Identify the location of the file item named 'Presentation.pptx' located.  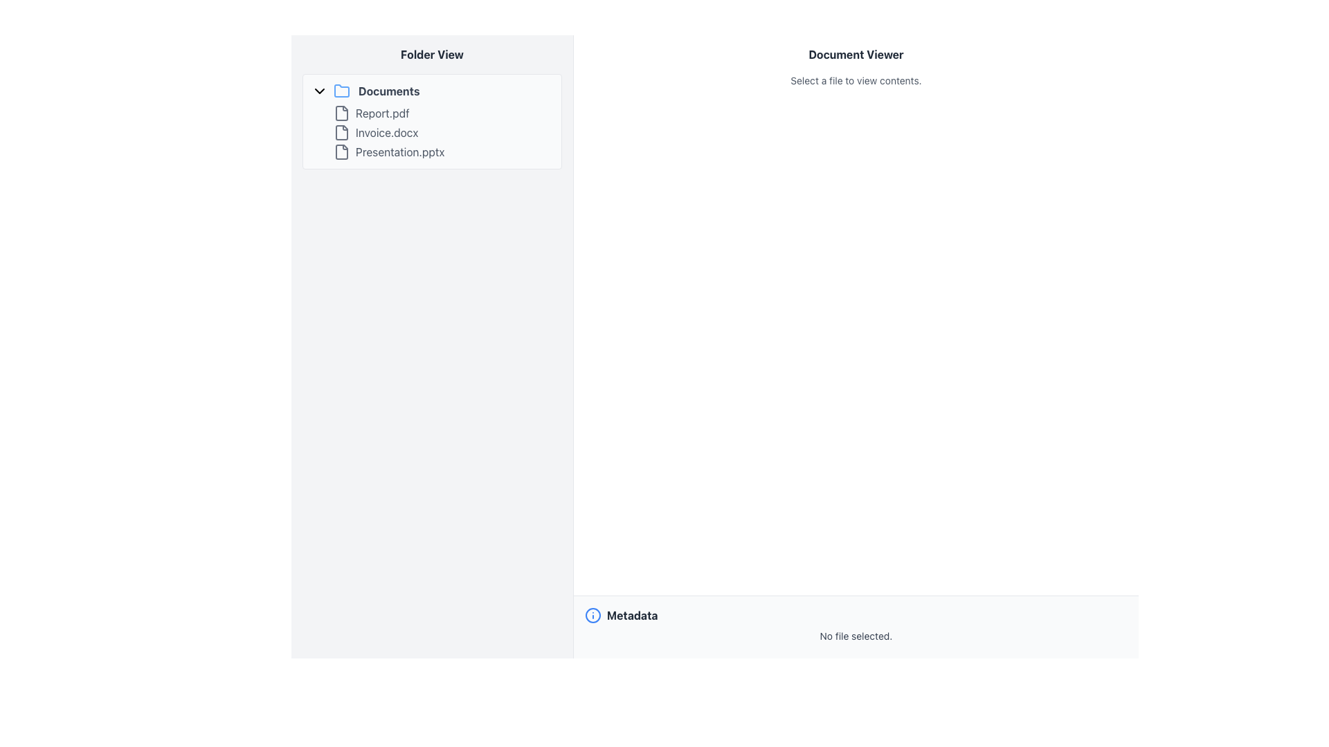
(443, 151).